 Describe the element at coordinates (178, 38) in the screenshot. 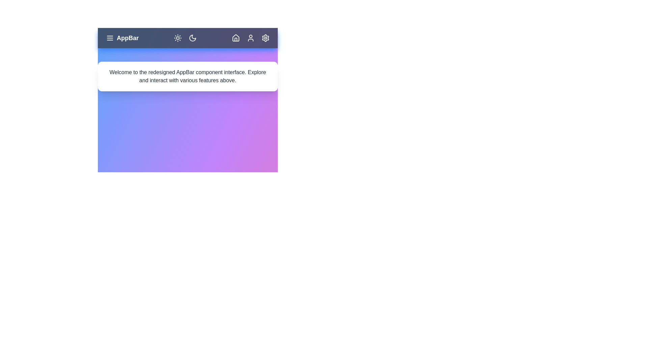

I see `the sun icon to switch the theme` at that location.